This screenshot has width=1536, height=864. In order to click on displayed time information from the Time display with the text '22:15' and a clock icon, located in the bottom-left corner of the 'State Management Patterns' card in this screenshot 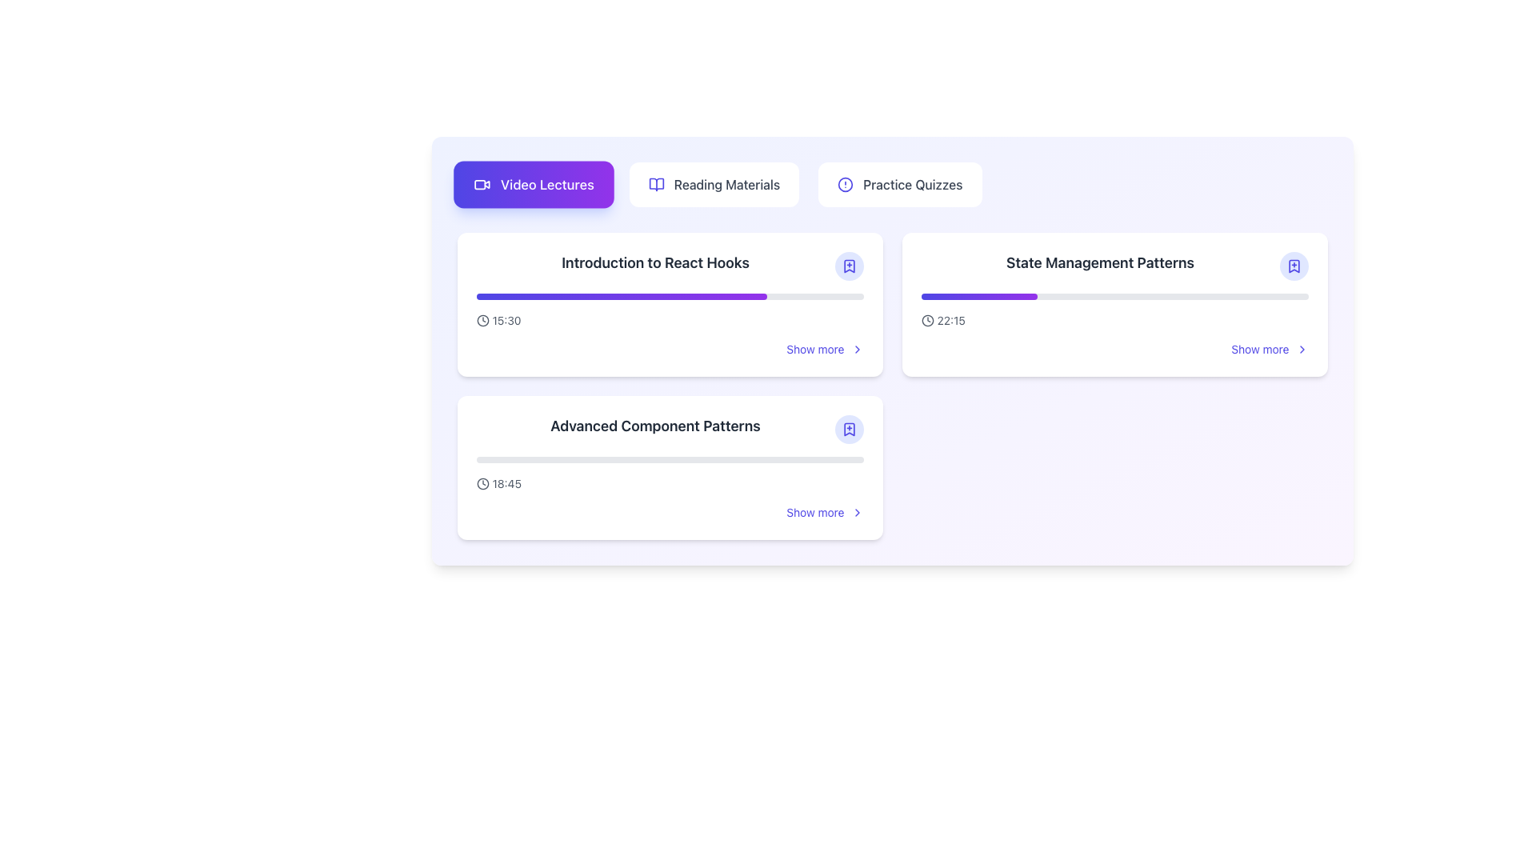, I will do `click(943, 321)`.